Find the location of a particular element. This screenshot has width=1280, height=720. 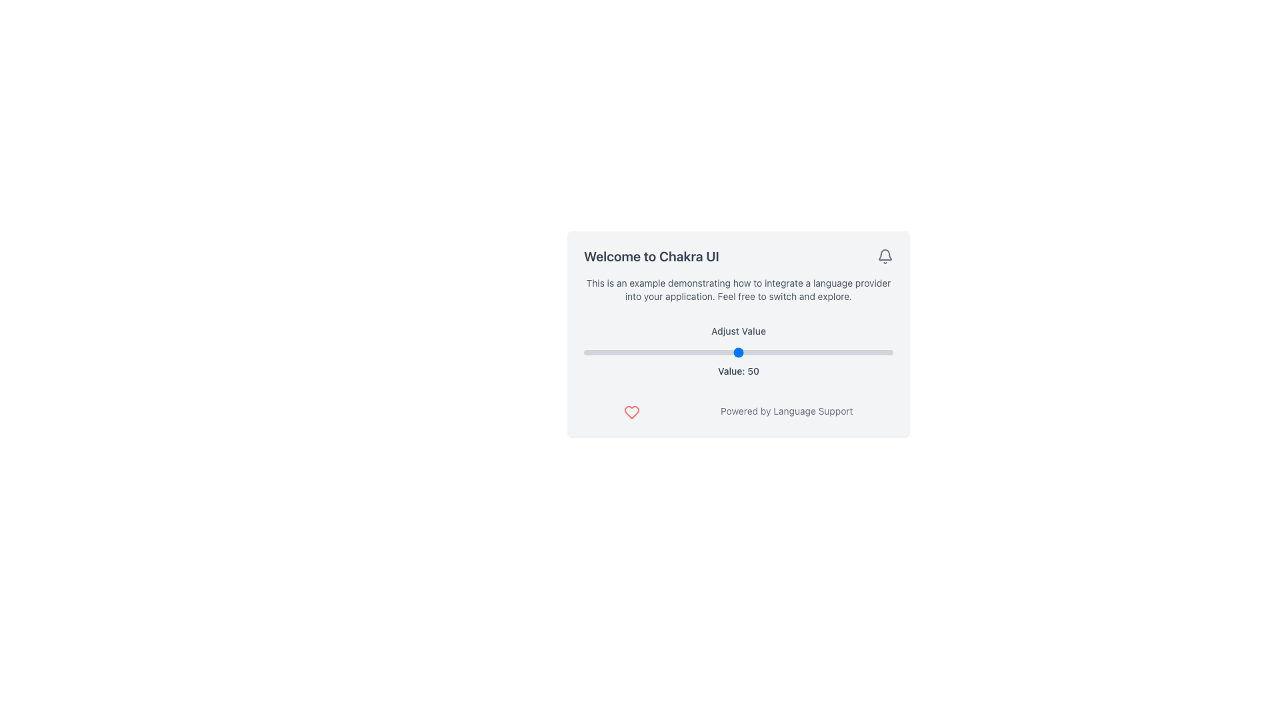

the slider value is located at coordinates (692, 351).